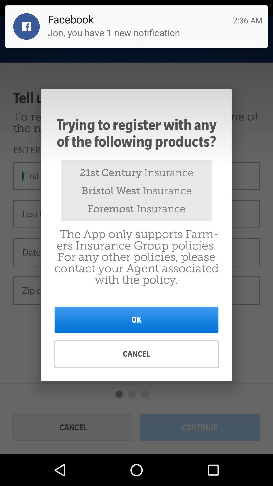  Describe the element at coordinates (136, 353) in the screenshot. I see `item below the ok item` at that location.